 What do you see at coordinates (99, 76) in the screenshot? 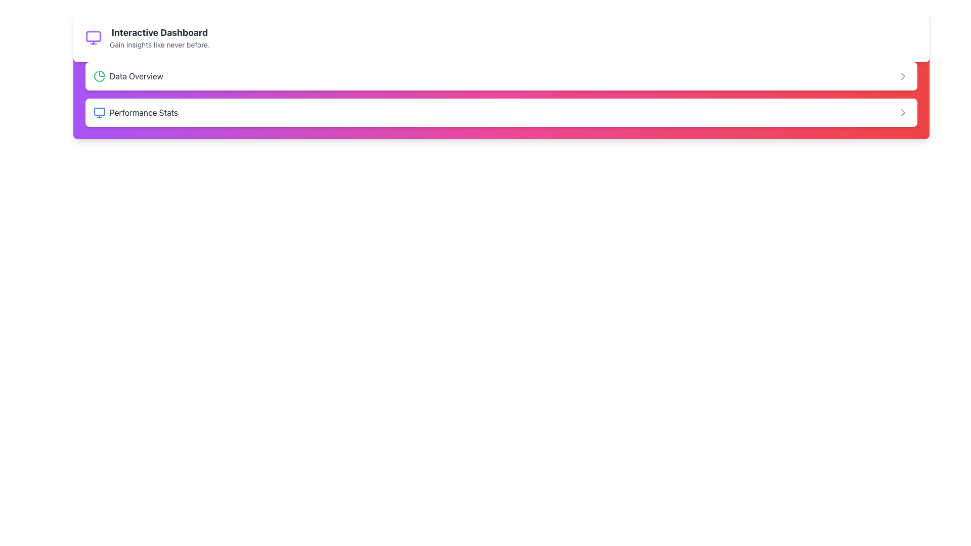
I see `the pie chart segment element located to the left of the 'Data Overview' label` at bounding box center [99, 76].